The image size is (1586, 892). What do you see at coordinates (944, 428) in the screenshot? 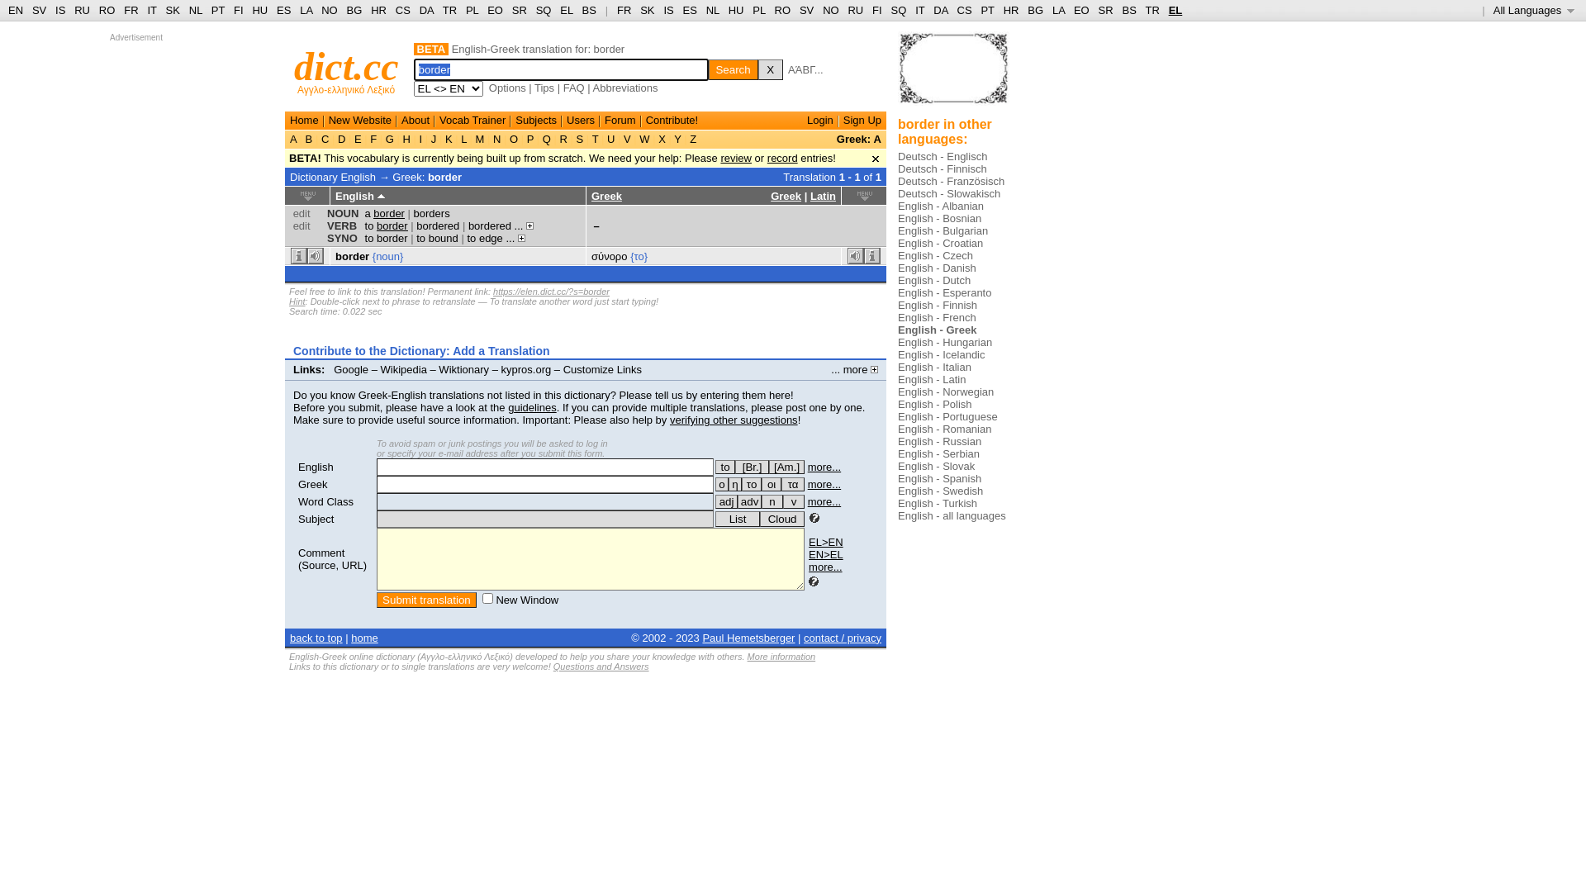
I see `'English - Romanian'` at bounding box center [944, 428].